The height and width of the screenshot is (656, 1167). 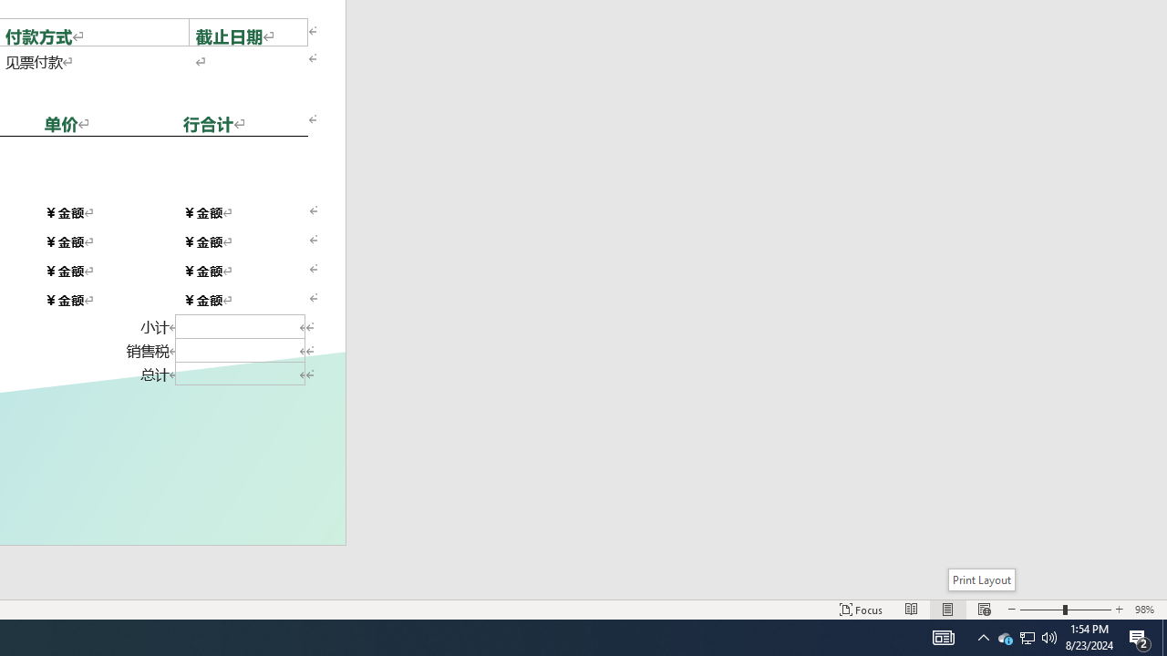 What do you see at coordinates (1065, 610) in the screenshot?
I see `'Zoom'` at bounding box center [1065, 610].